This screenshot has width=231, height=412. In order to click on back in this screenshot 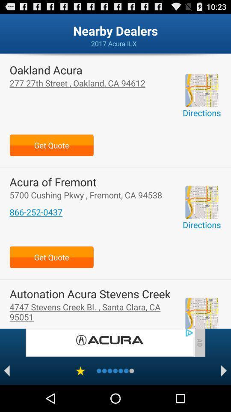, I will do `click(6, 370)`.